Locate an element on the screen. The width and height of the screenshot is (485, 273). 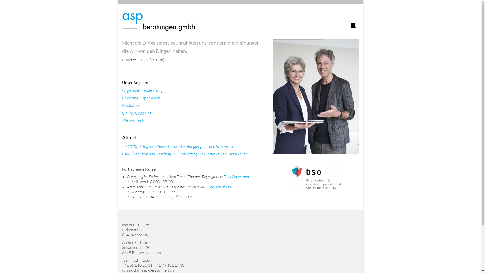
'Coaching,' is located at coordinates (130, 98).